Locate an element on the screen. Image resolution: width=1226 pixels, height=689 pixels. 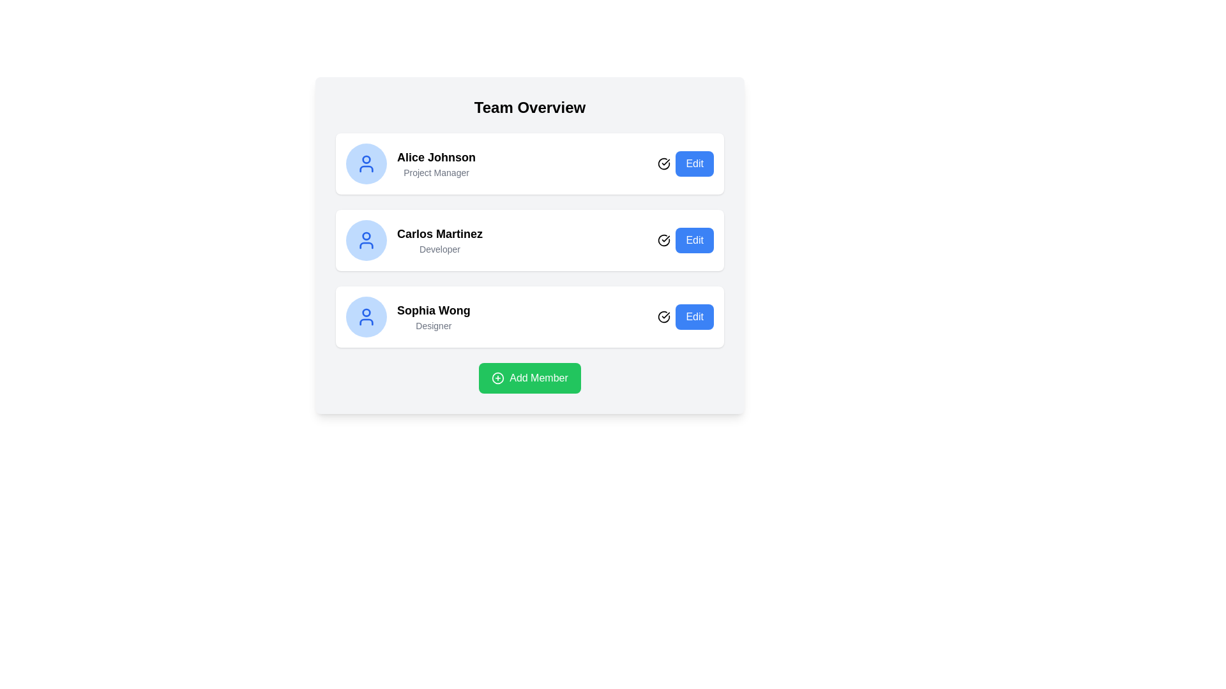
the button located on the right side of the row for user 'Alice Johnson' to initiate the editing action is located at coordinates (685, 163).